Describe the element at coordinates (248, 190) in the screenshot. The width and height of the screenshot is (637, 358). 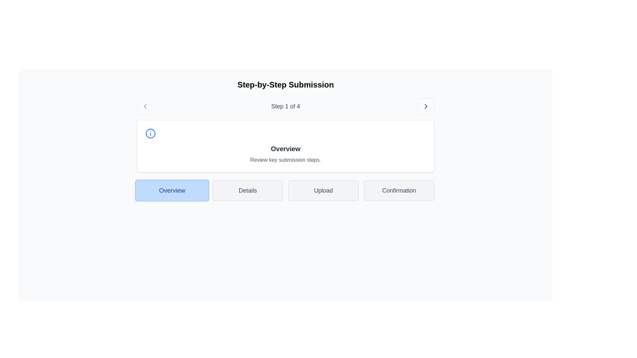
I see `the 'Details' button, which is the second button in a row of four equal-sized boxes located near the bottom-center of the interface` at that location.